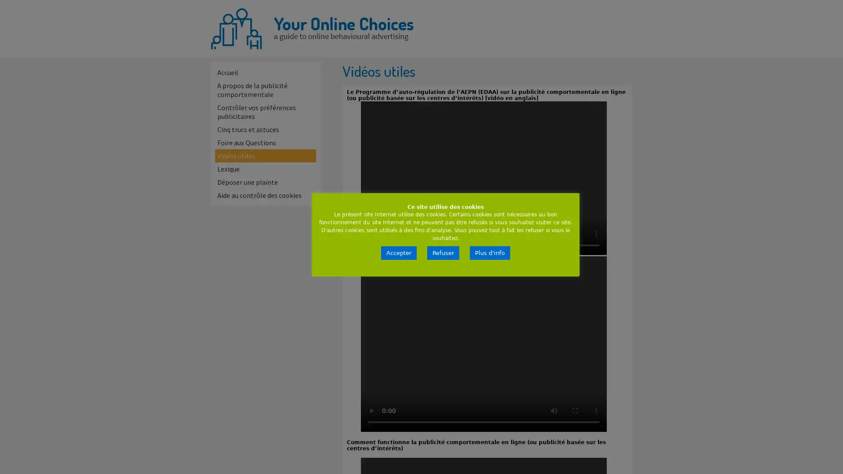  What do you see at coordinates (554, 411) in the screenshot?
I see `mute` at bounding box center [554, 411].